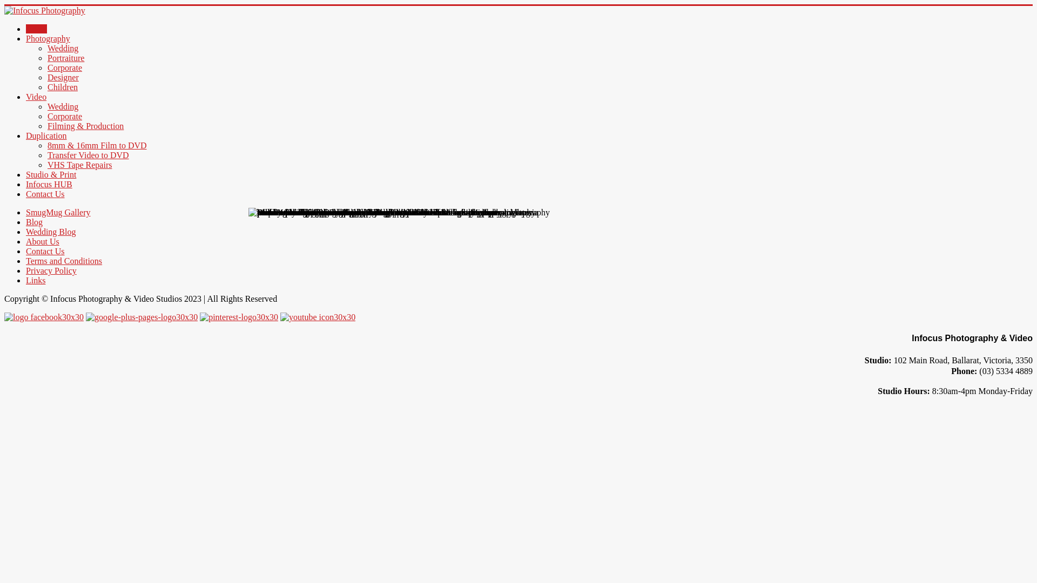 The image size is (1037, 583). Describe the element at coordinates (50, 231) in the screenshot. I see `'Wedding Blog'` at that location.